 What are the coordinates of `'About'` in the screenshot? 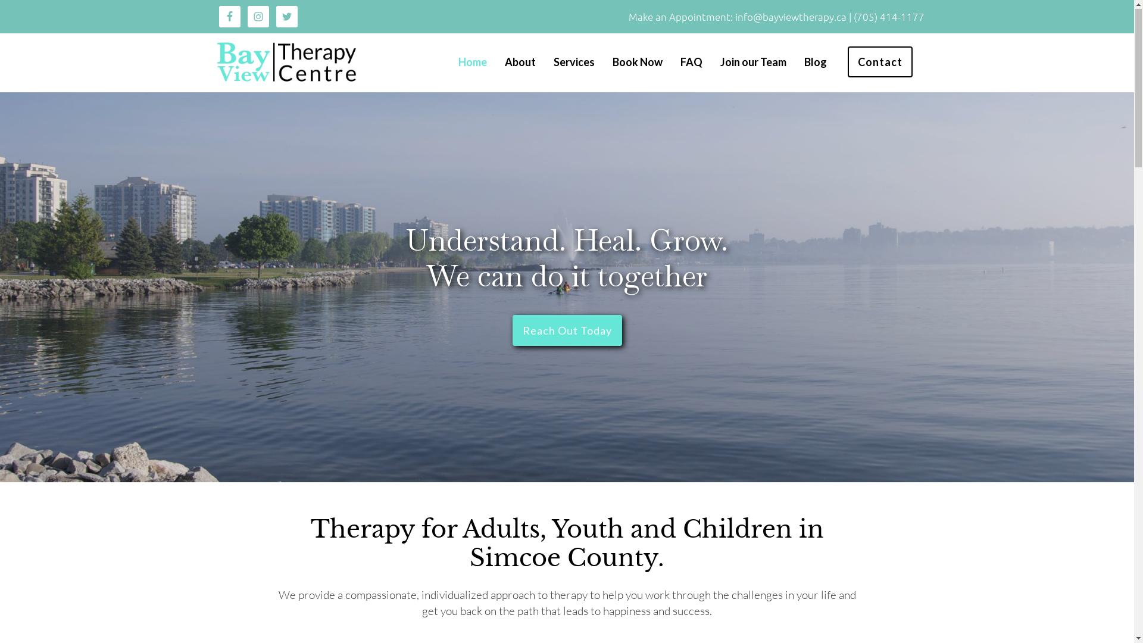 It's located at (520, 62).